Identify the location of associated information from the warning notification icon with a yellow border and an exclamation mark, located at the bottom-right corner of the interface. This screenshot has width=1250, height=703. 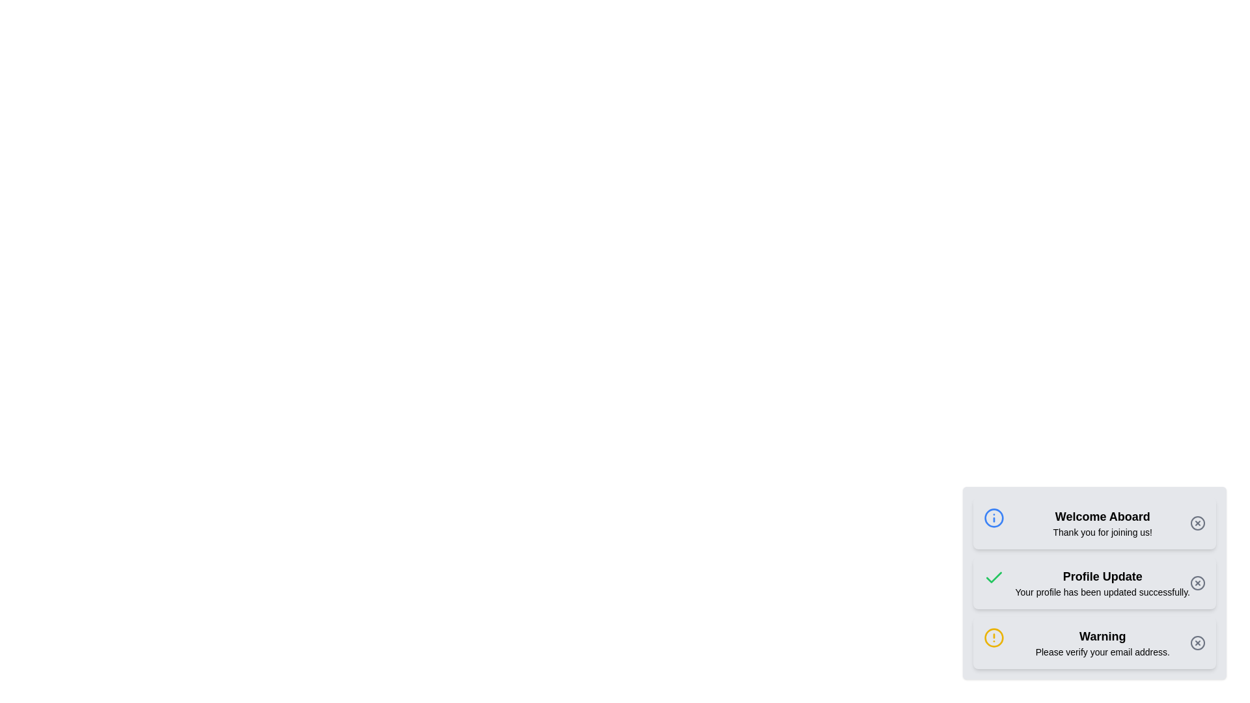
(993, 637).